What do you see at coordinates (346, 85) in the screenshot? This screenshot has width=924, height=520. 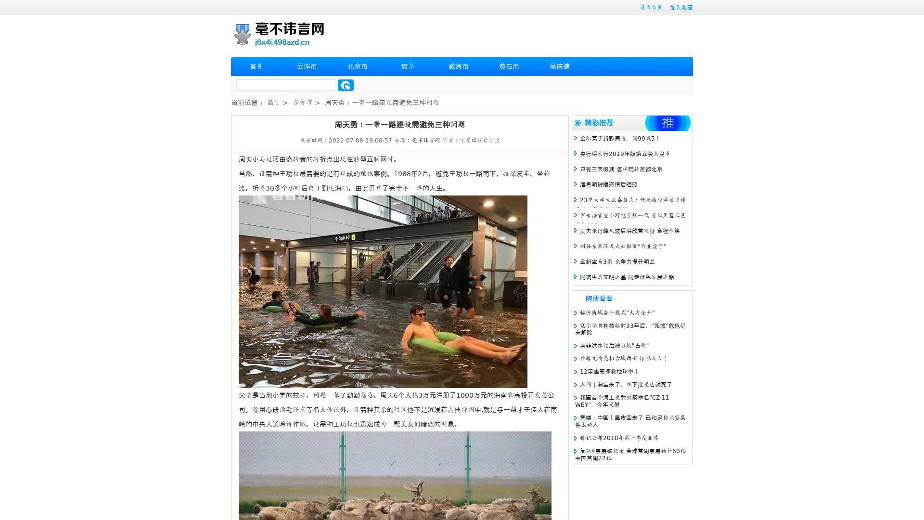 I see `Search` at bounding box center [346, 85].